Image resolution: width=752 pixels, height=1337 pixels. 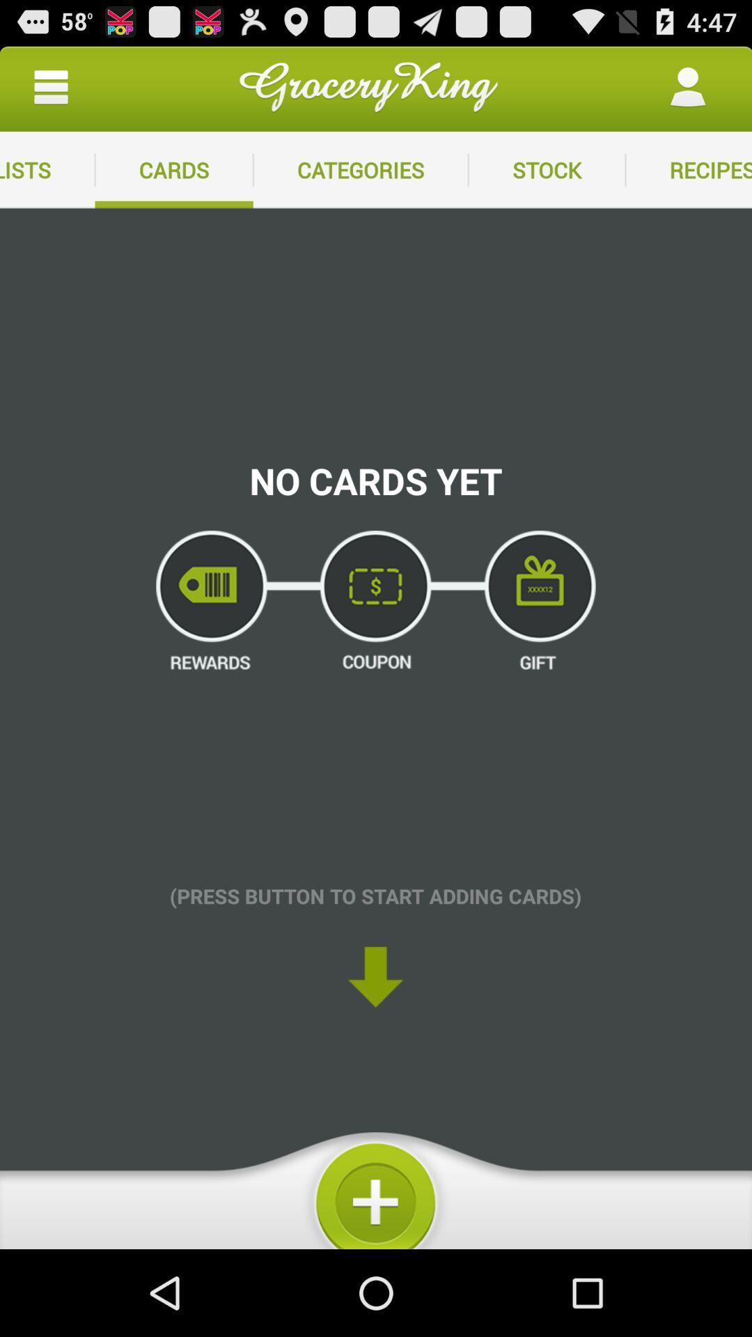 I want to click on the arrow_downward icon, so click(x=375, y=1039).